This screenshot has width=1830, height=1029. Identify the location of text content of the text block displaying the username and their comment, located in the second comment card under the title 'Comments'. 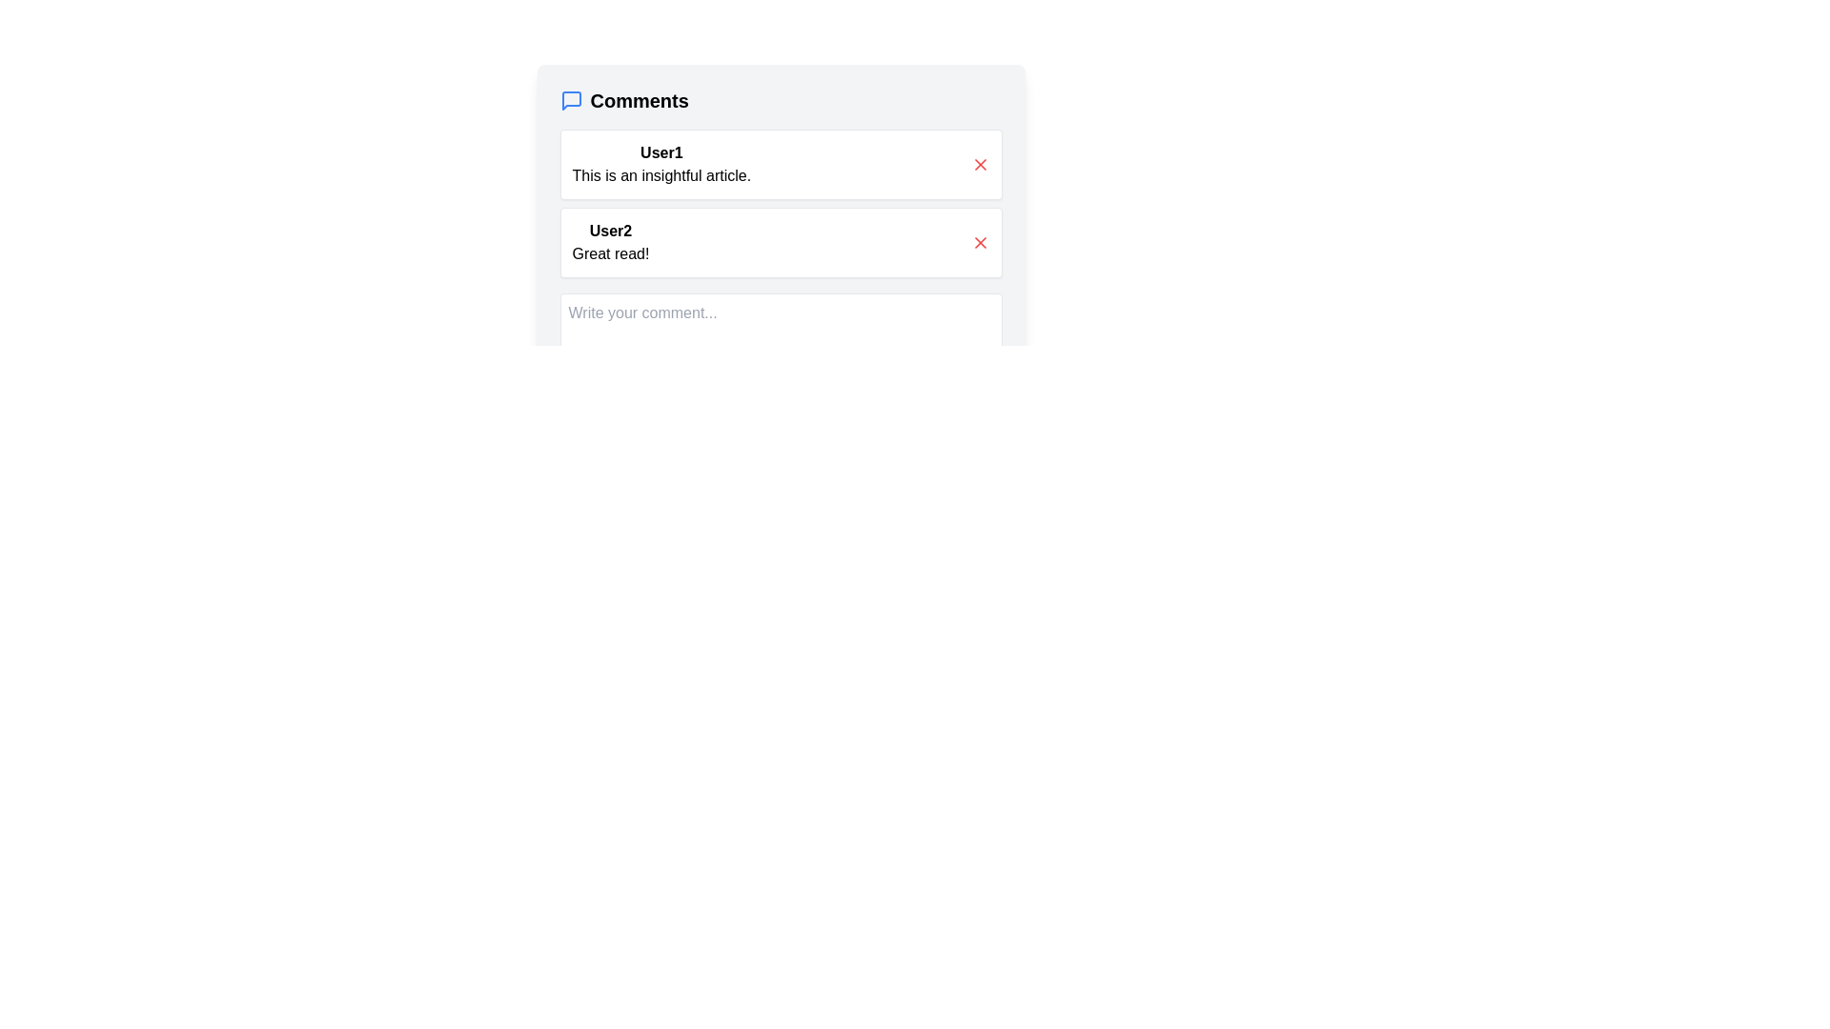
(610, 241).